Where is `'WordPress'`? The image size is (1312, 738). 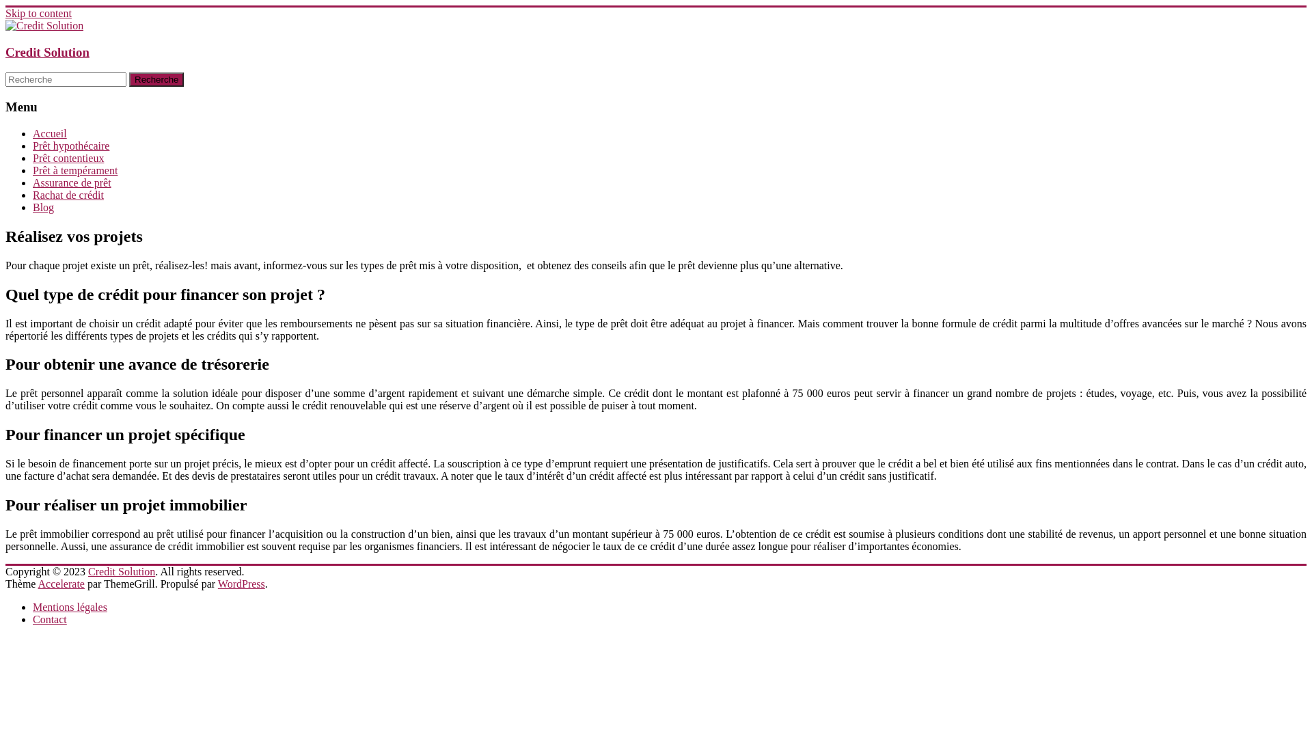 'WordPress' is located at coordinates (217, 584).